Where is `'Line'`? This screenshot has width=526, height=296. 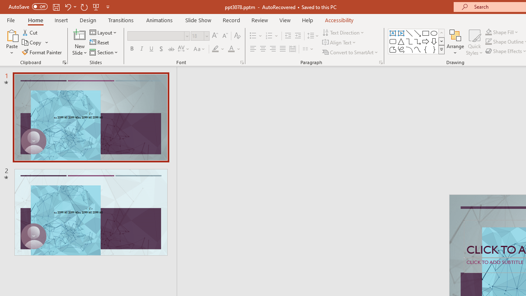 'Line' is located at coordinates (409, 33).